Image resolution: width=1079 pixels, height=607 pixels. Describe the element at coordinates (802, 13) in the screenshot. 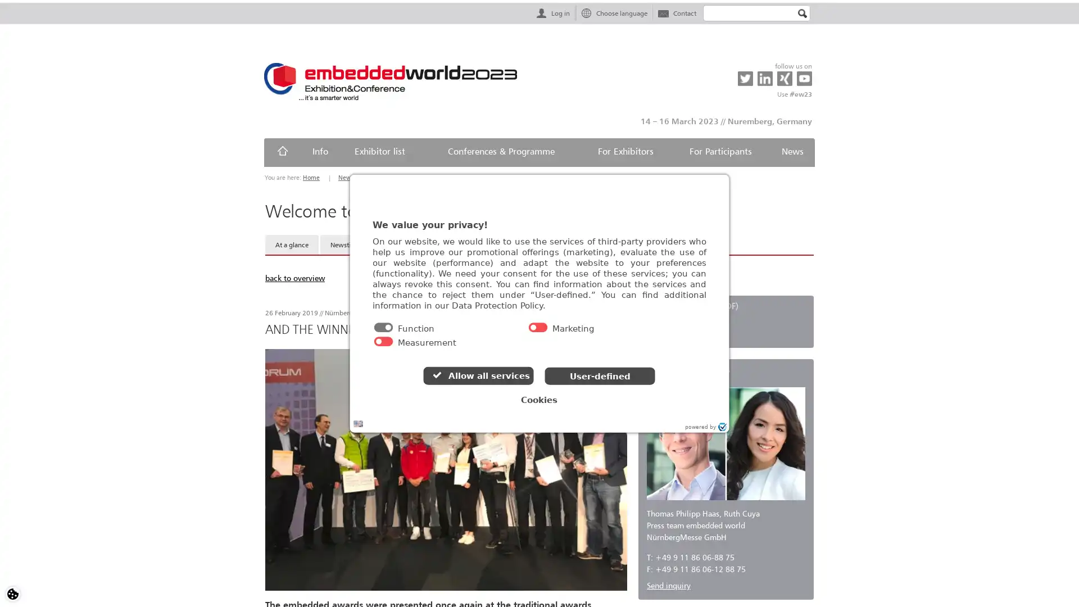

I see `Search` at that location.